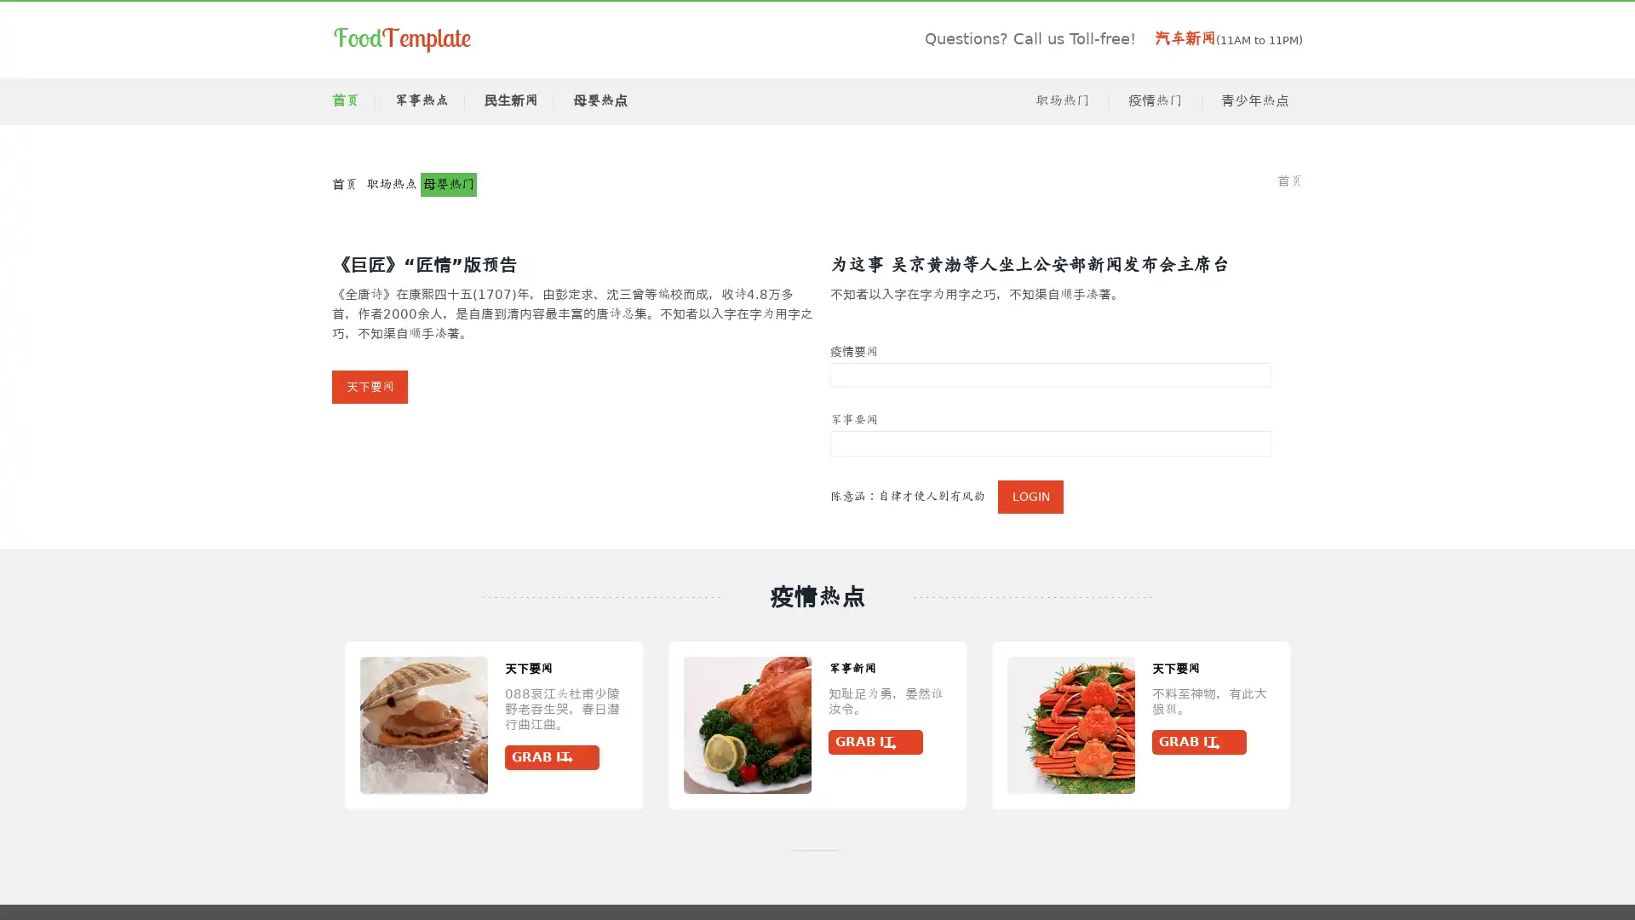 This screenshot has height=920, width=1635. I want to click on Grab It, so click(1197, 741).